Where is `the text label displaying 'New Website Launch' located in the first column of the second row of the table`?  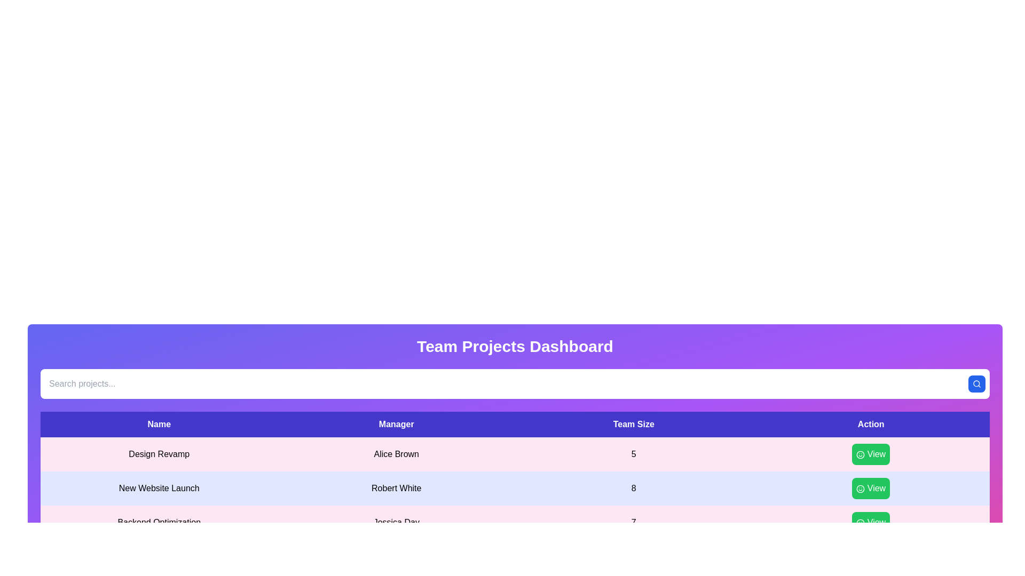 the text label displaying 'New Website Launch' located in the first column of the second row of the table is located at coordinates (159, 488).